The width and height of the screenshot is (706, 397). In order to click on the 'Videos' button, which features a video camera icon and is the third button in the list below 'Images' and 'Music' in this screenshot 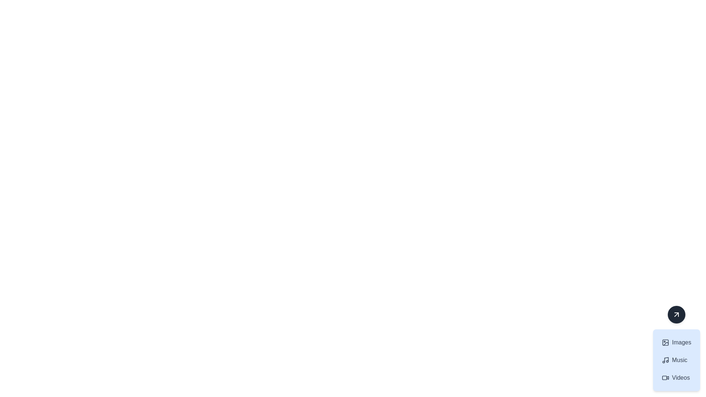, I will do `click(676, 378)`.